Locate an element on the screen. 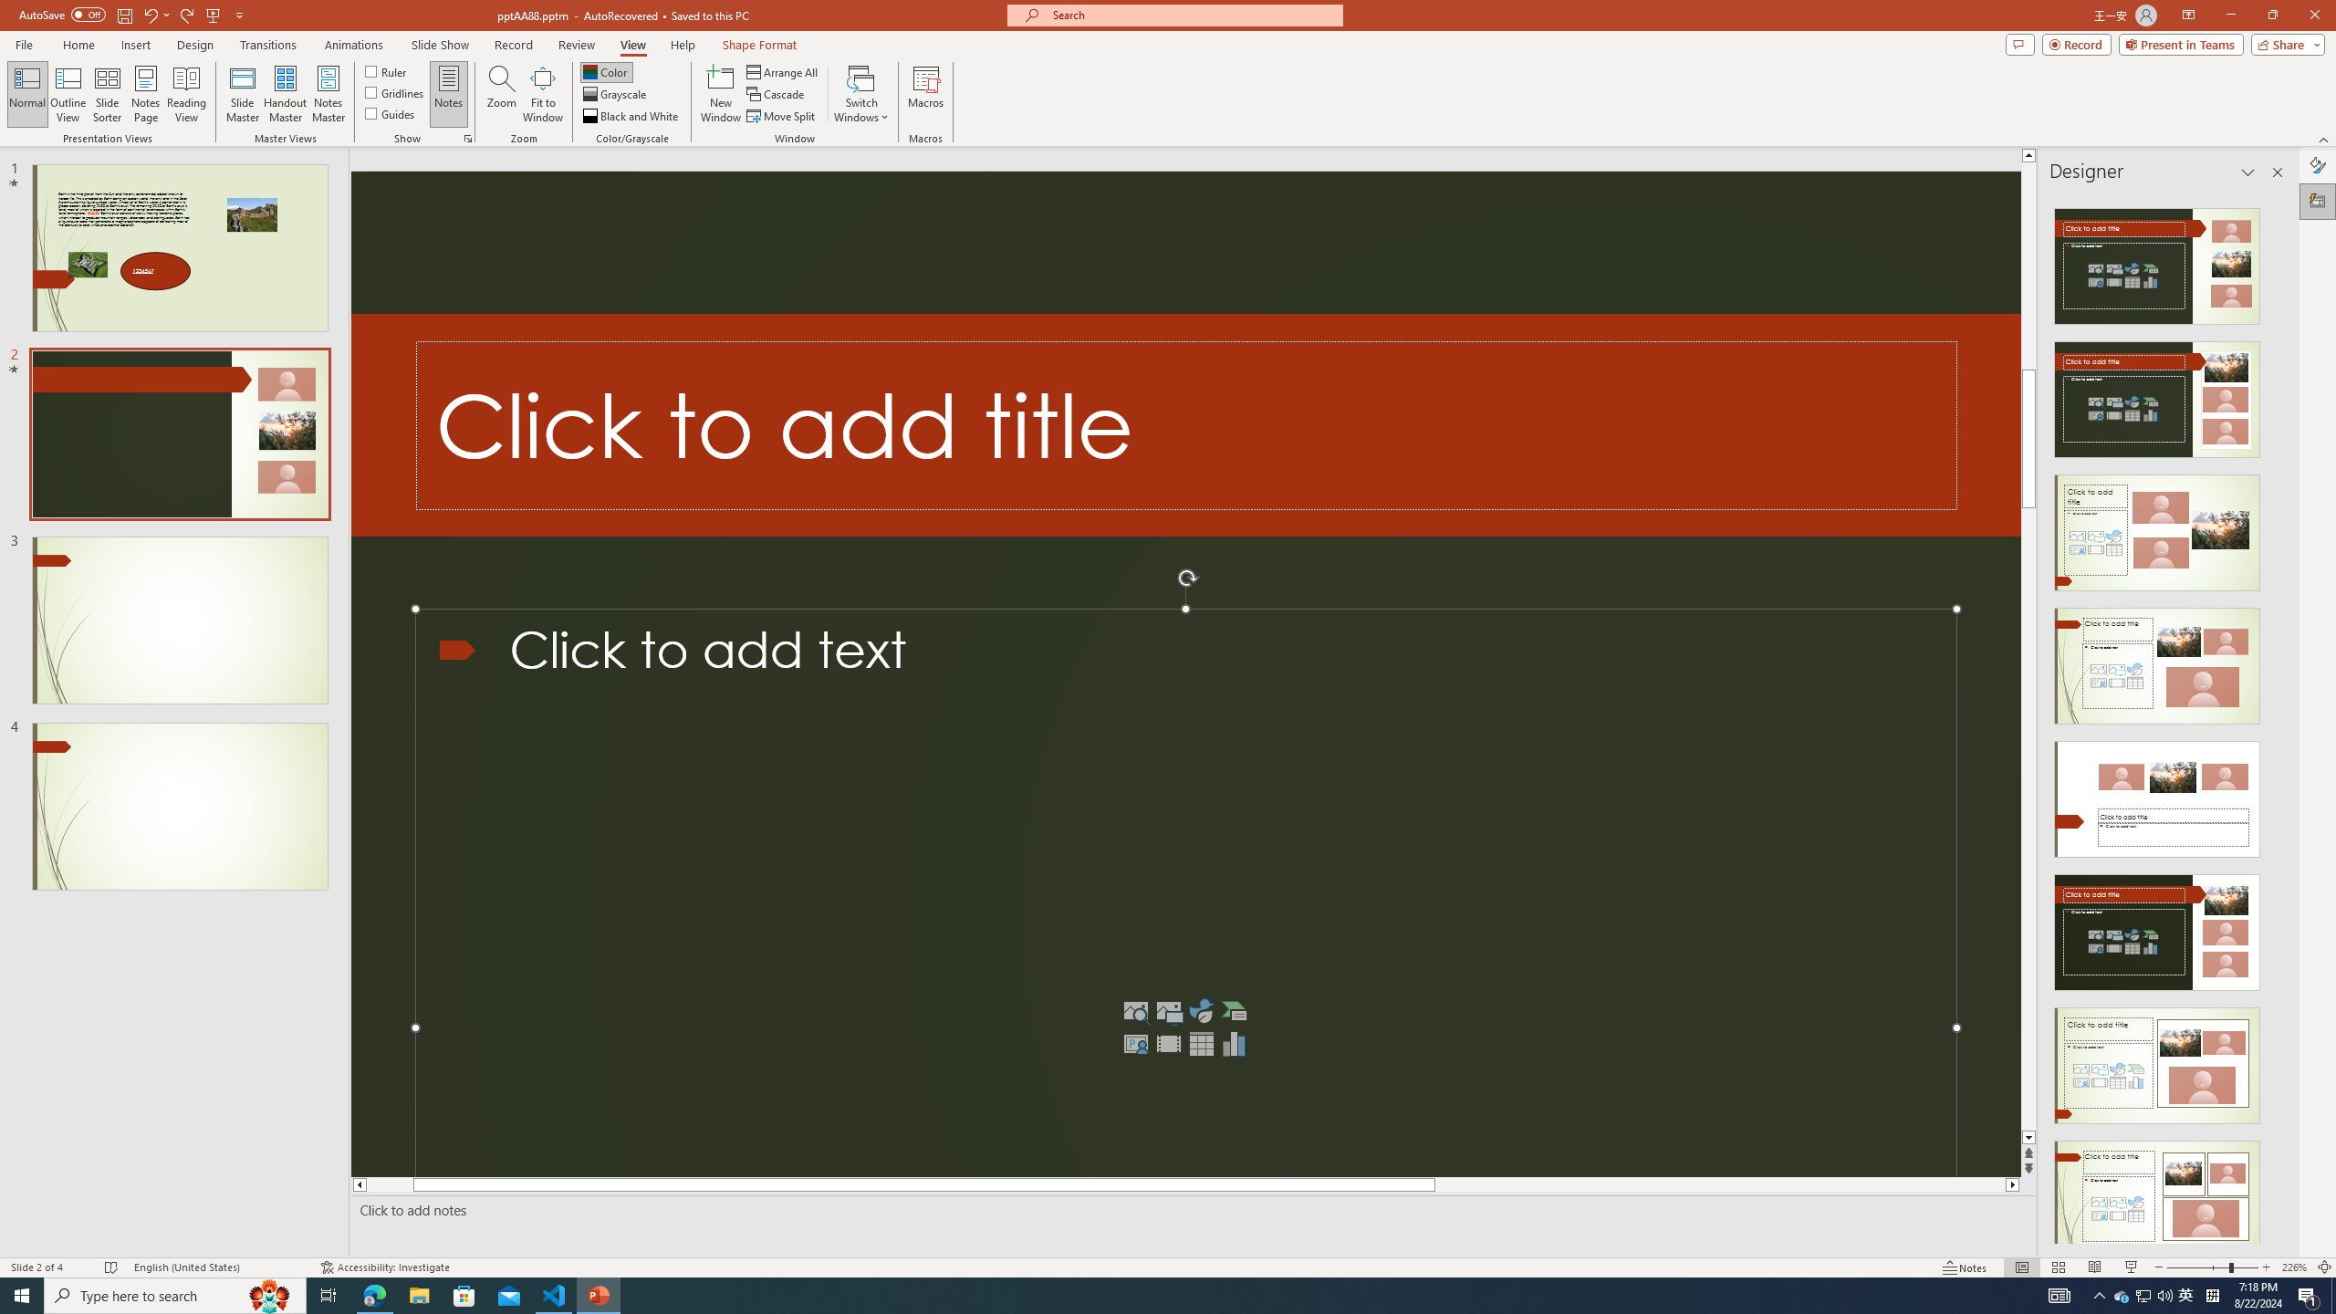  'Zoom 226%' is located at coordinates (2295, 1267).